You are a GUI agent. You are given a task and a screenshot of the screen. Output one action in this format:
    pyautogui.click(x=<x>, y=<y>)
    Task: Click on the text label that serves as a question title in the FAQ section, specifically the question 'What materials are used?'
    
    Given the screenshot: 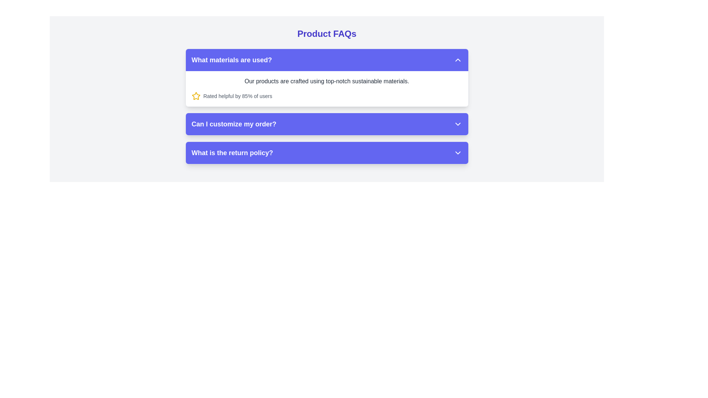 What is the action you would take?
    pyautogui.click(x=231, y=59)
    